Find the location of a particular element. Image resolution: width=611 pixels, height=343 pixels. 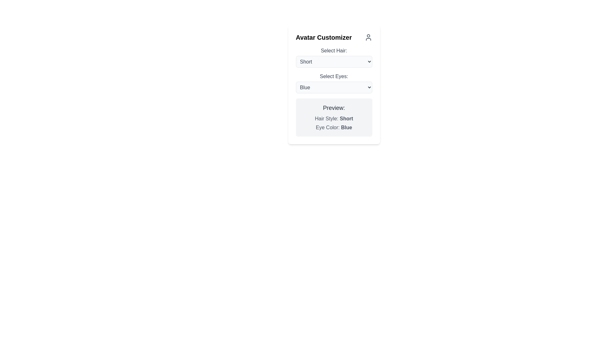

the 'Select Eyes:' dropdown menu is located at coordinates (334, 83).